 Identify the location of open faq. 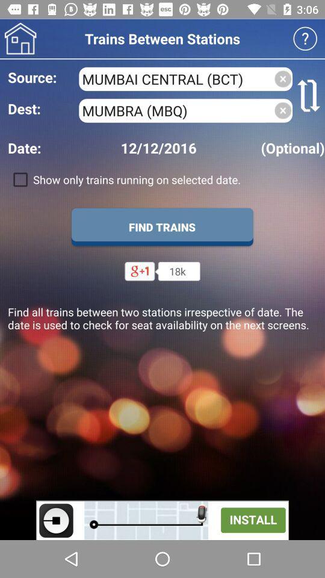
(305, 39).